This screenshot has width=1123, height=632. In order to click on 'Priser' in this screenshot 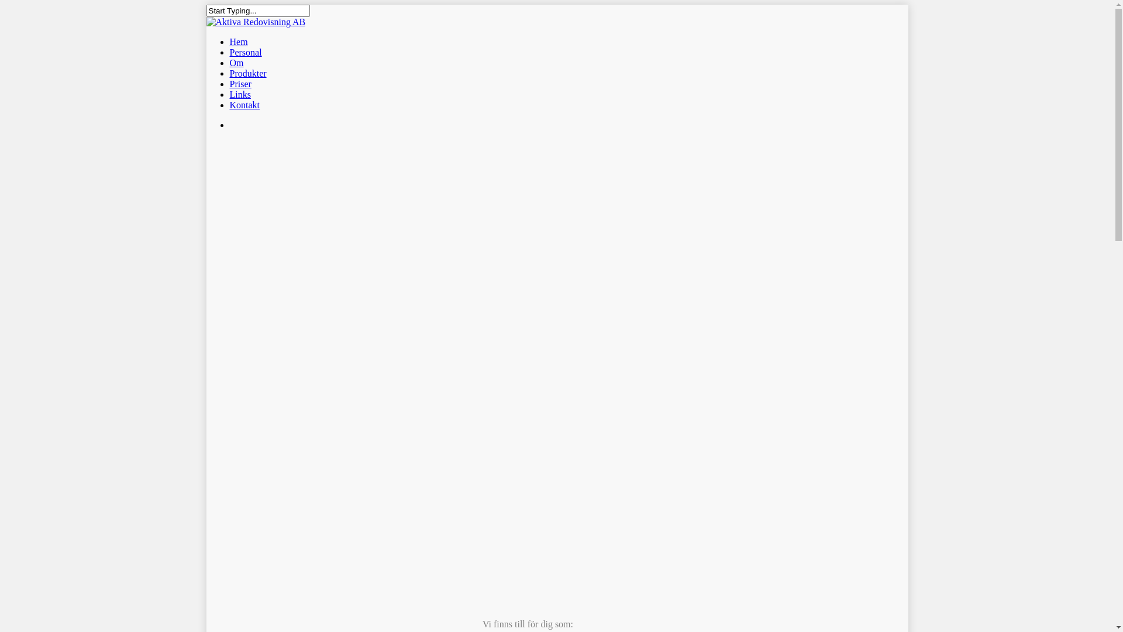, I will do `click(239, 83)`.